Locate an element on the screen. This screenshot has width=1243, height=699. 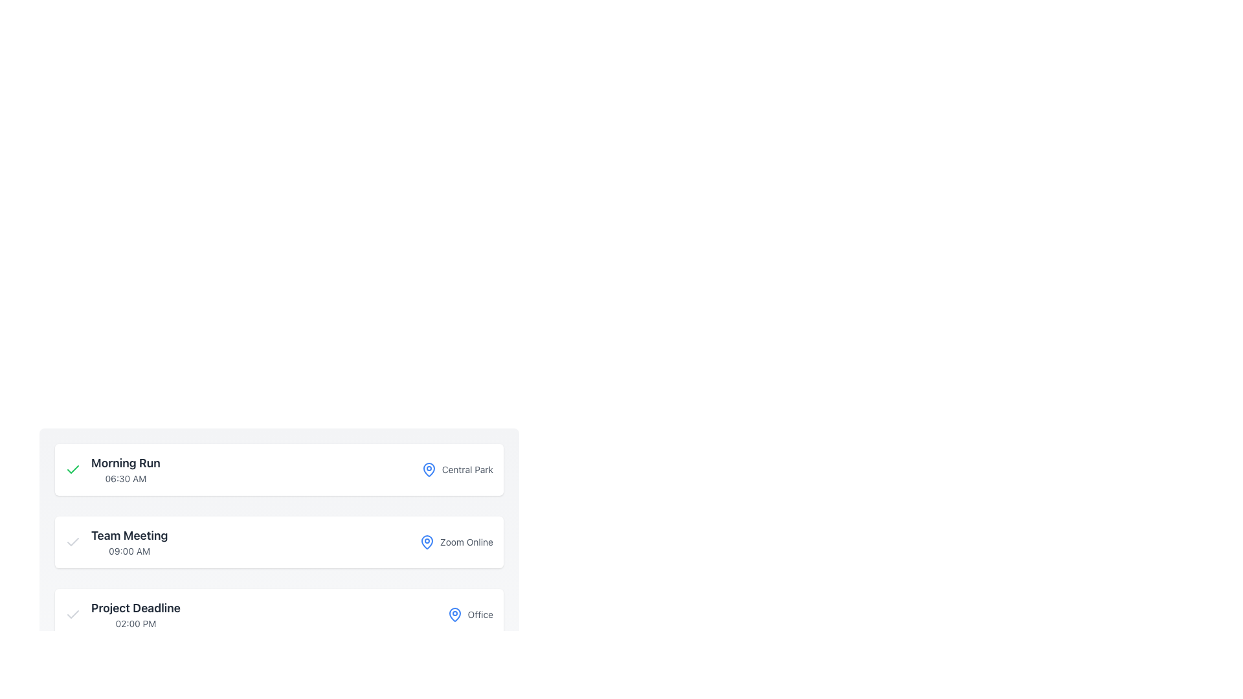
the Text element displaying 'Team Meeting' styled in bold gray, located above '09:00 AM', positioned to the right of a gray checkmark icon is located at coordinates (117, 542).